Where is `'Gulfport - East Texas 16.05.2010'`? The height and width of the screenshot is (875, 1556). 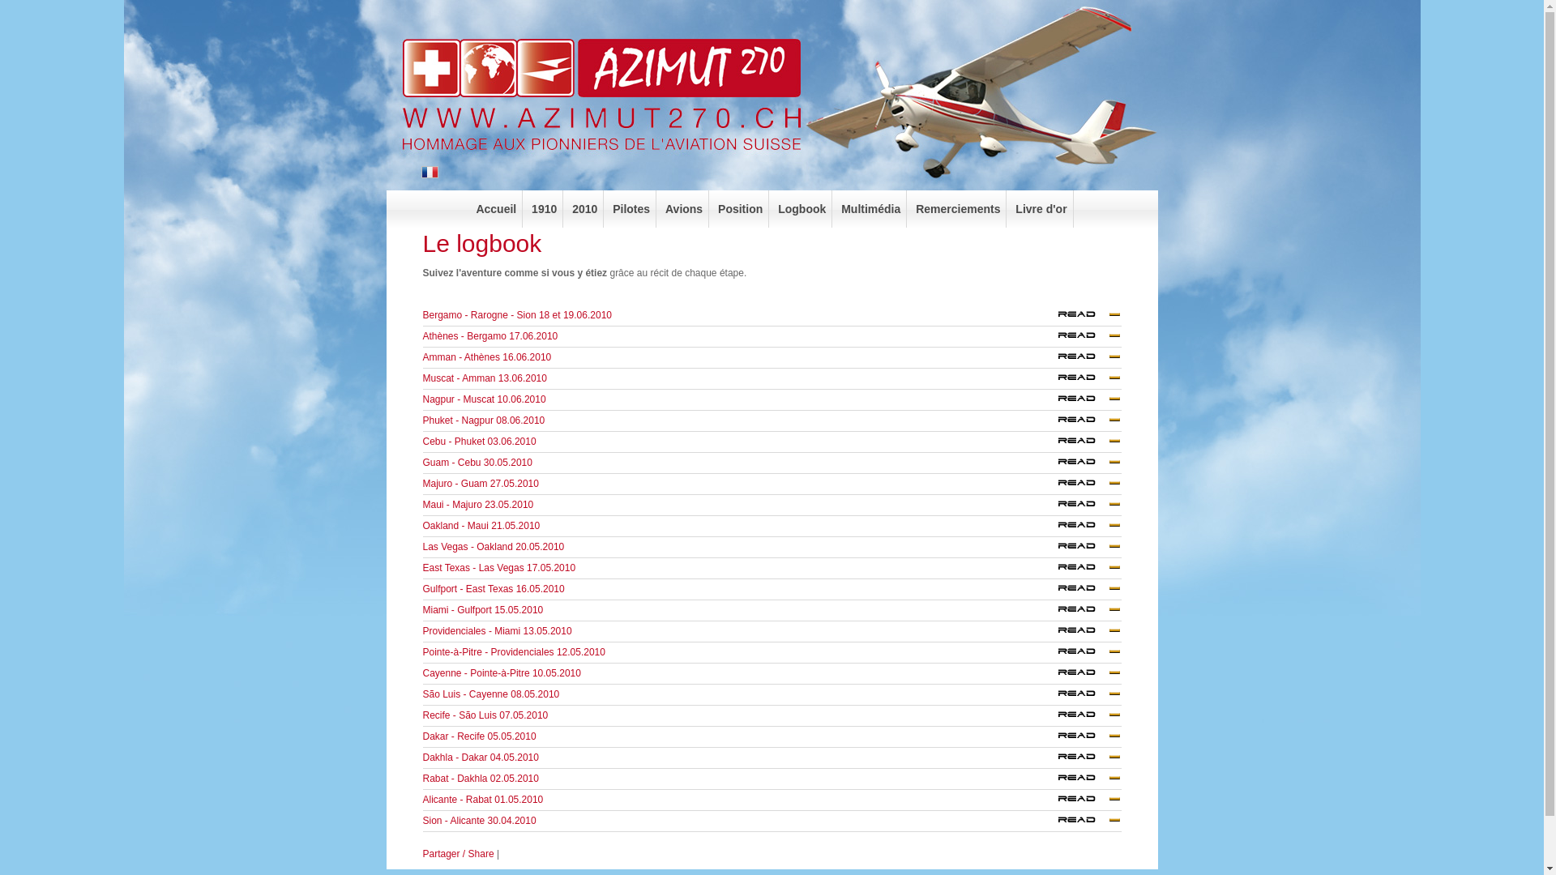 'Gulfport - East Texas 16.05.2010' is located at coordinates (493, 588).